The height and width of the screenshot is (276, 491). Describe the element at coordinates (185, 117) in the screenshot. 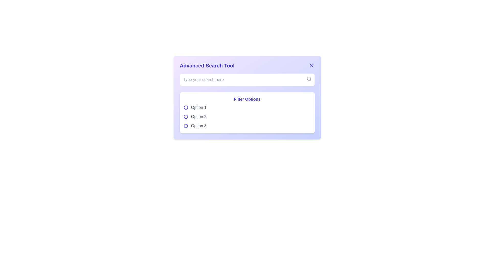

I see `the checkbox for 'Option 2'` at that location.